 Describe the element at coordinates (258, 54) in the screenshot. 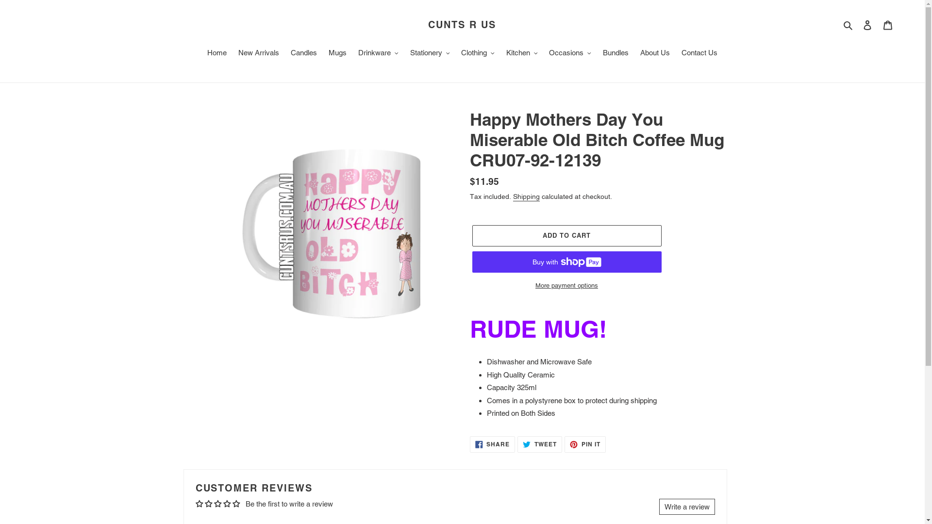

I see `'New Arrivals'` at that location.